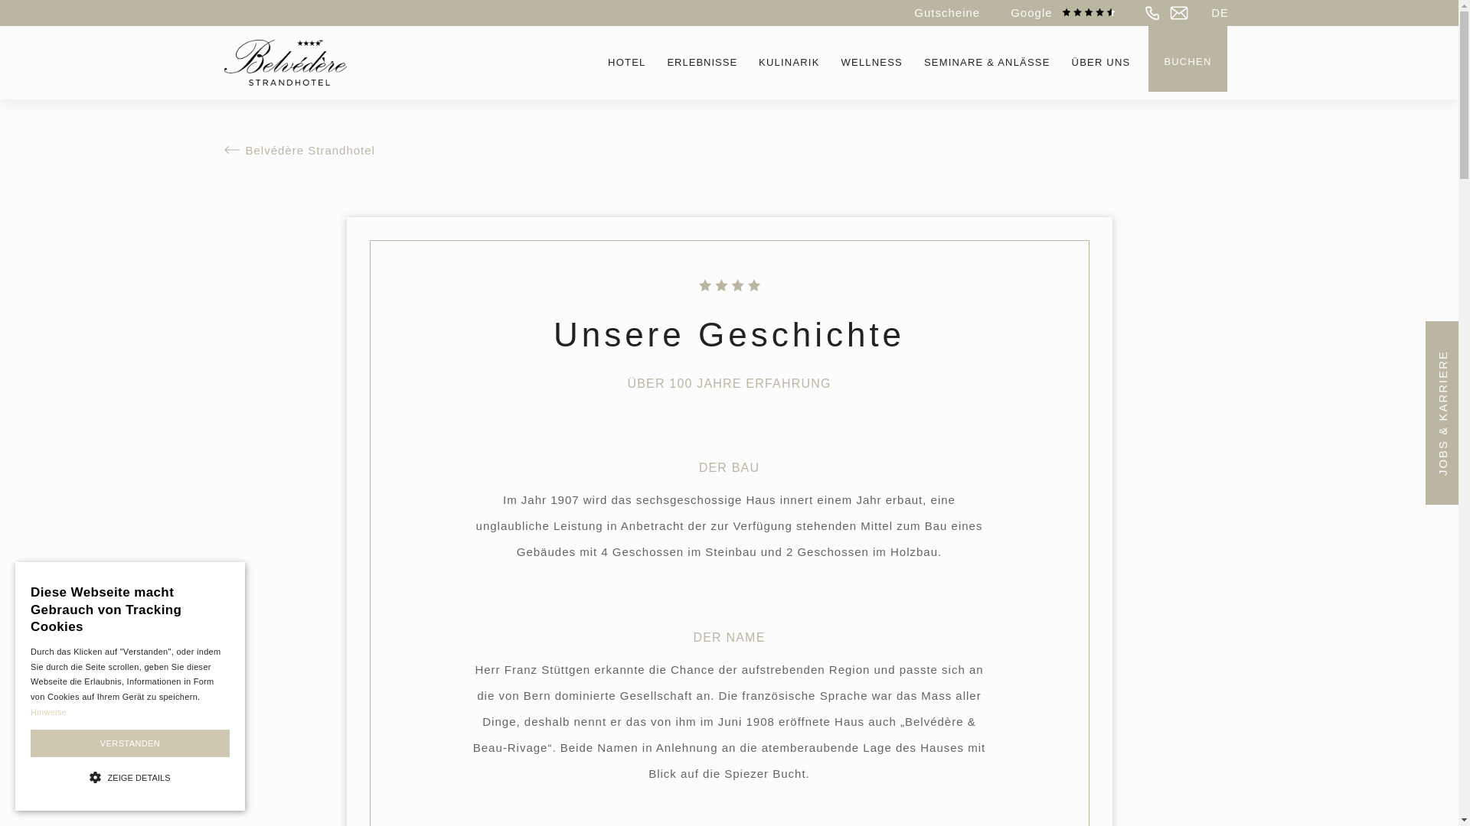 The height and width of the screenshot is (826, 1470). What do you see at coordinates (701, 61) in the screenshot?
I see `'ERLEBNISSE'` at bounding box center [701, 61].